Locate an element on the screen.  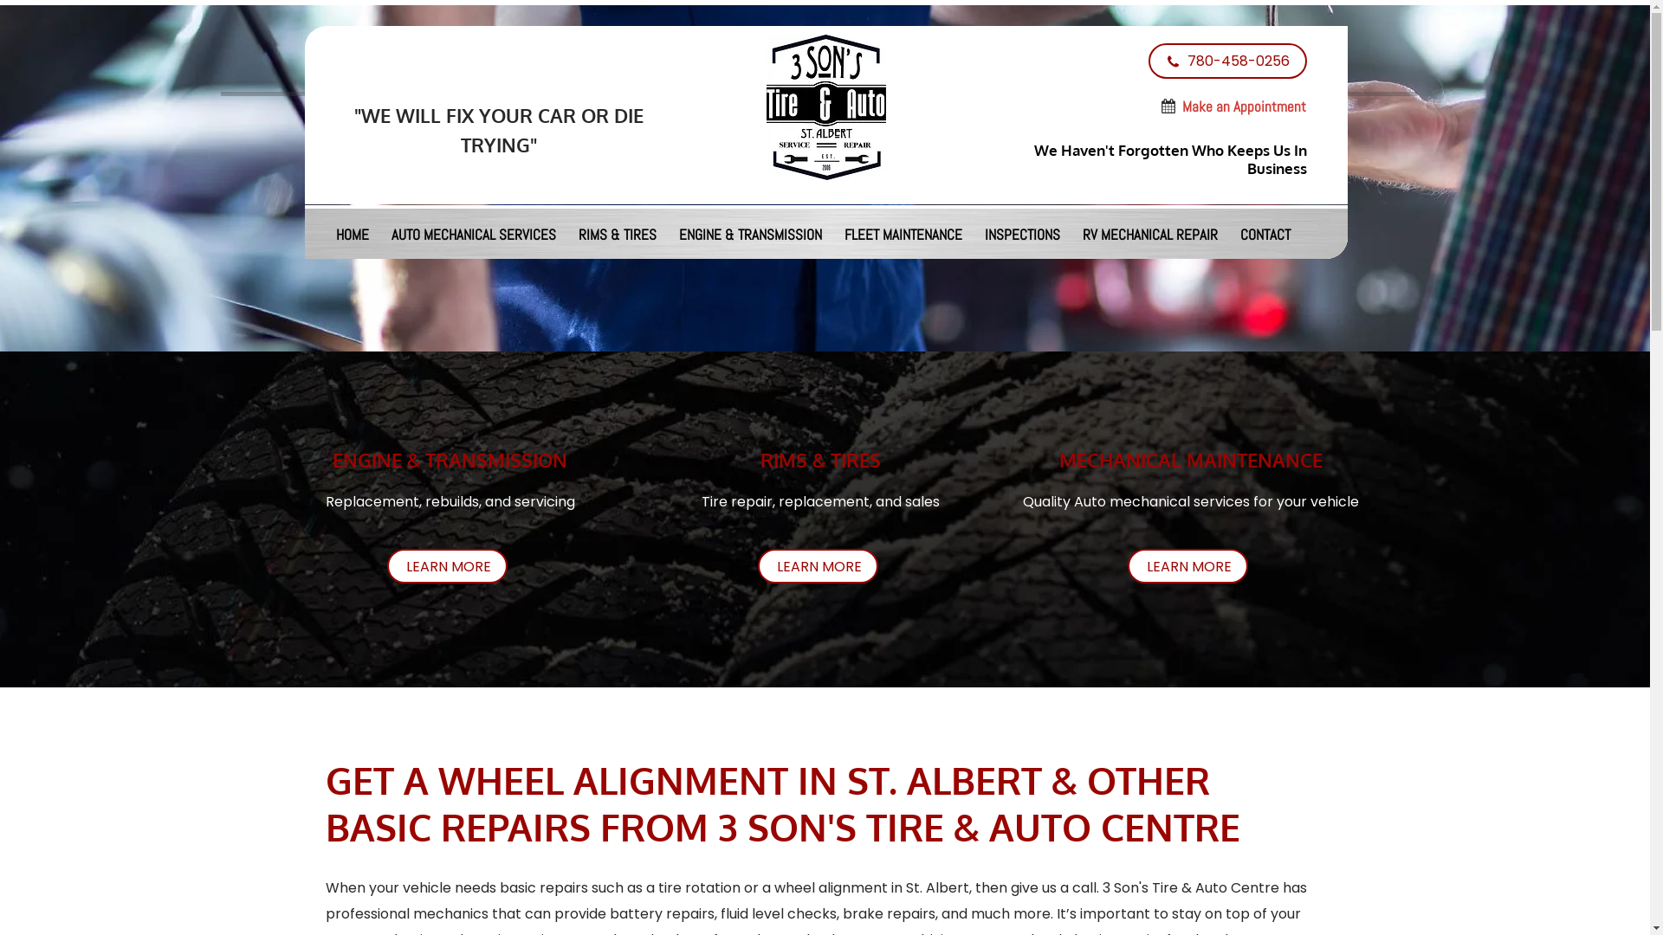
'INSPECTIONS' is located at coordinates (1022, 234).